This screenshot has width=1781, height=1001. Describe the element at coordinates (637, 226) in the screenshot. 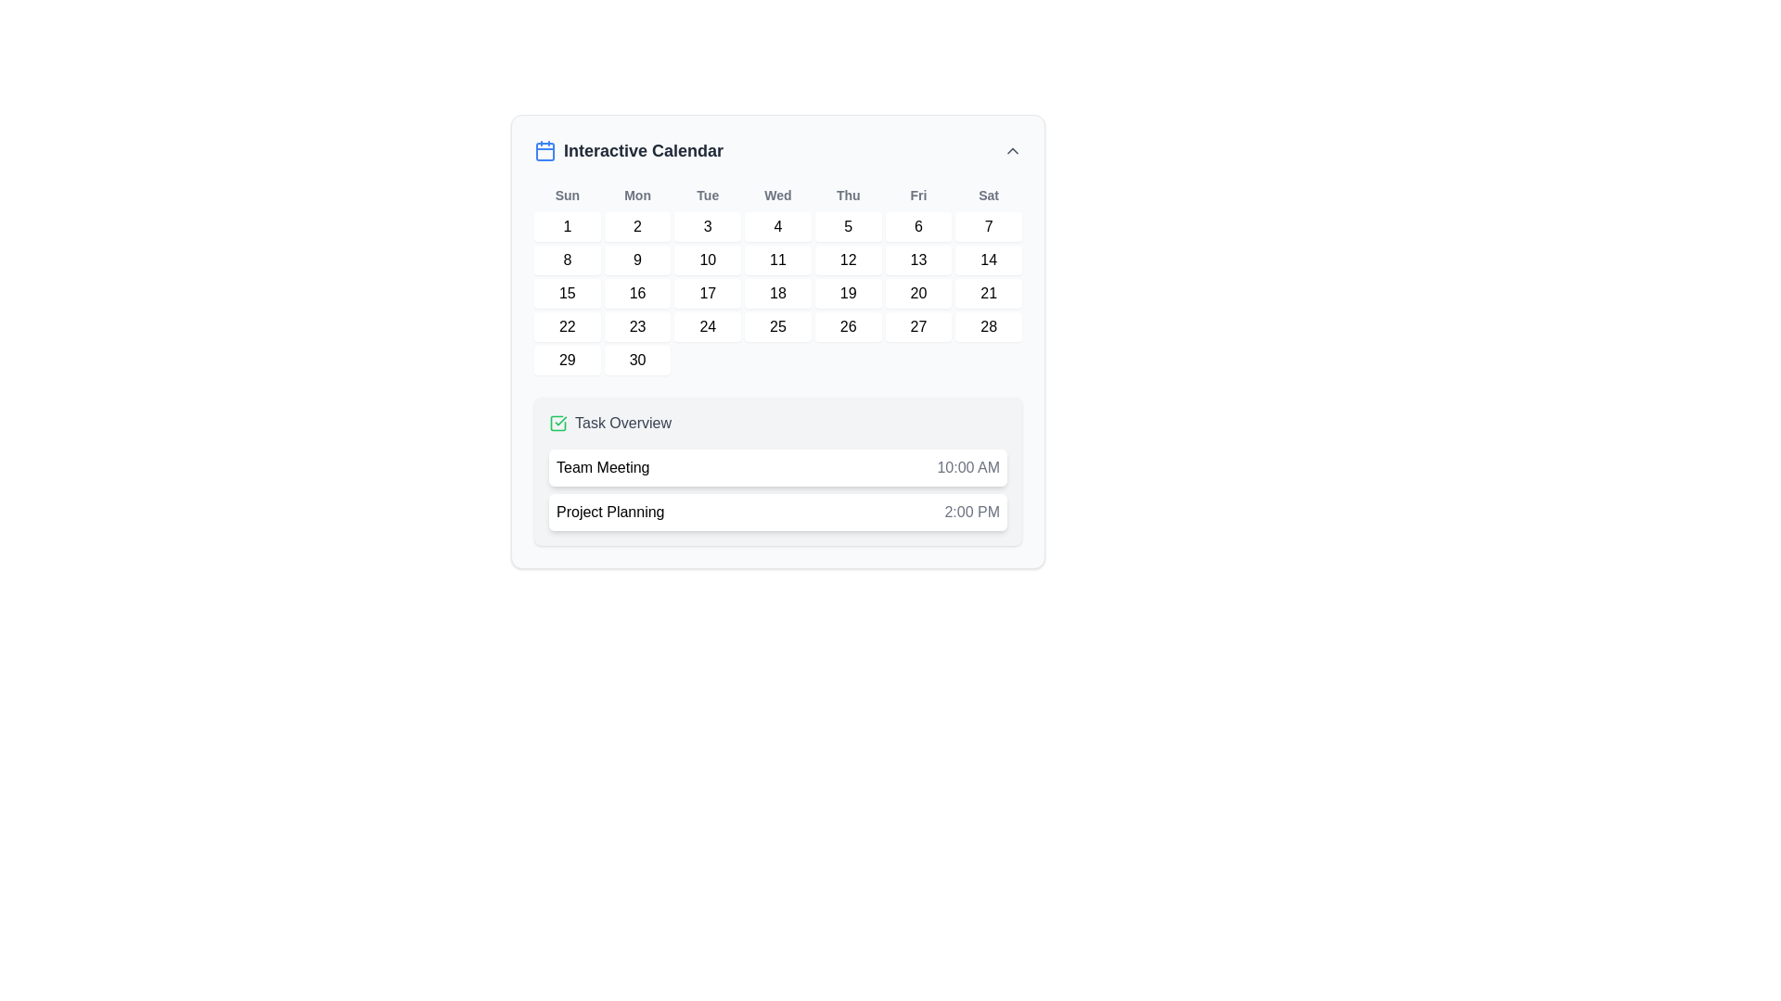

I see `the square button with rounded corners labeled '2' in the Interactive Calendar grid layout` at that location.